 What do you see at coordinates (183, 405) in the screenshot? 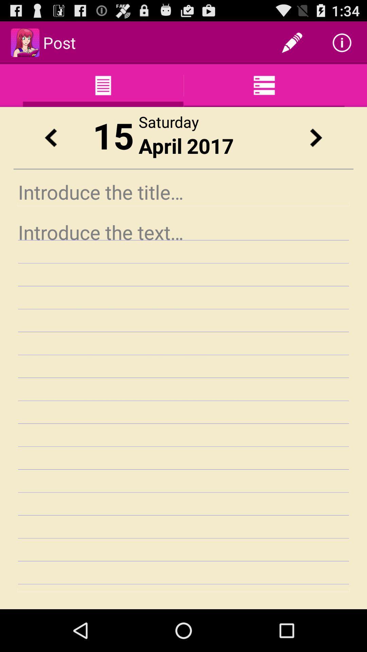
I see `write text` at bounding box center [183, 405].